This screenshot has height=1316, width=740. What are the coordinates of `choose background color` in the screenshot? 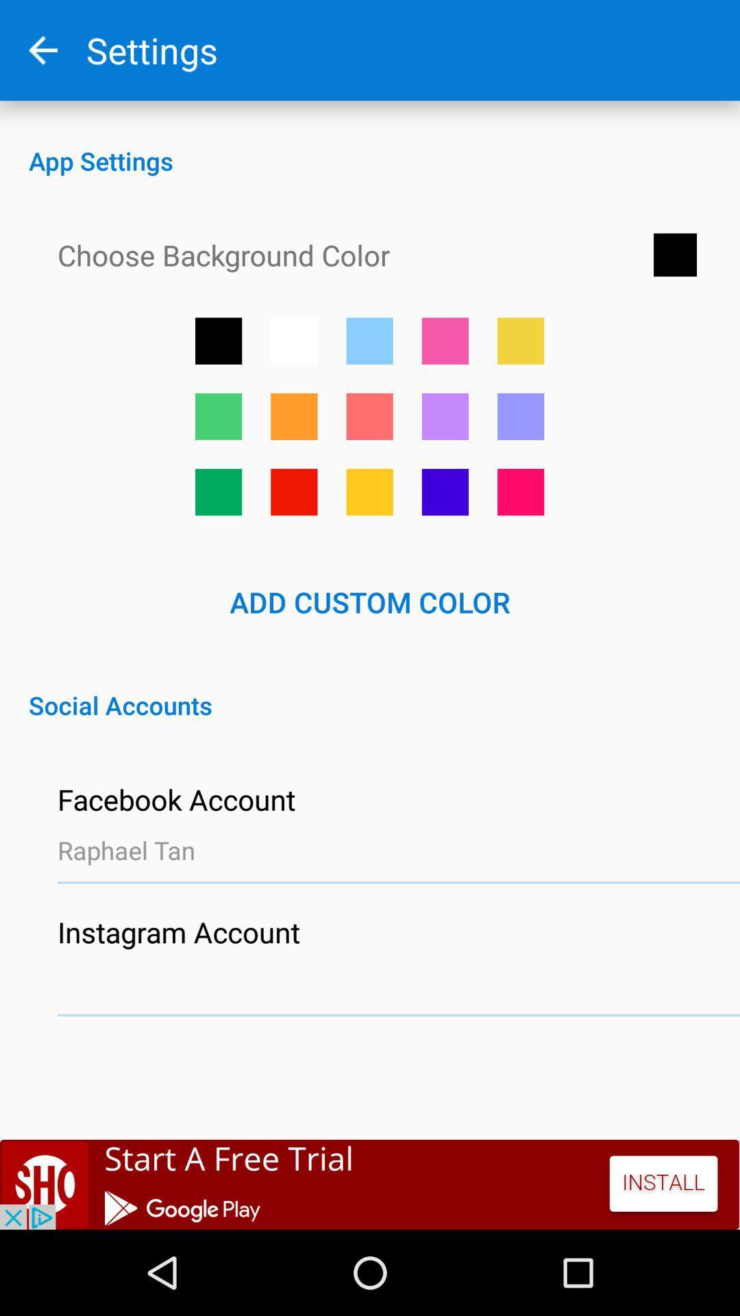 It's located at (521, 492).